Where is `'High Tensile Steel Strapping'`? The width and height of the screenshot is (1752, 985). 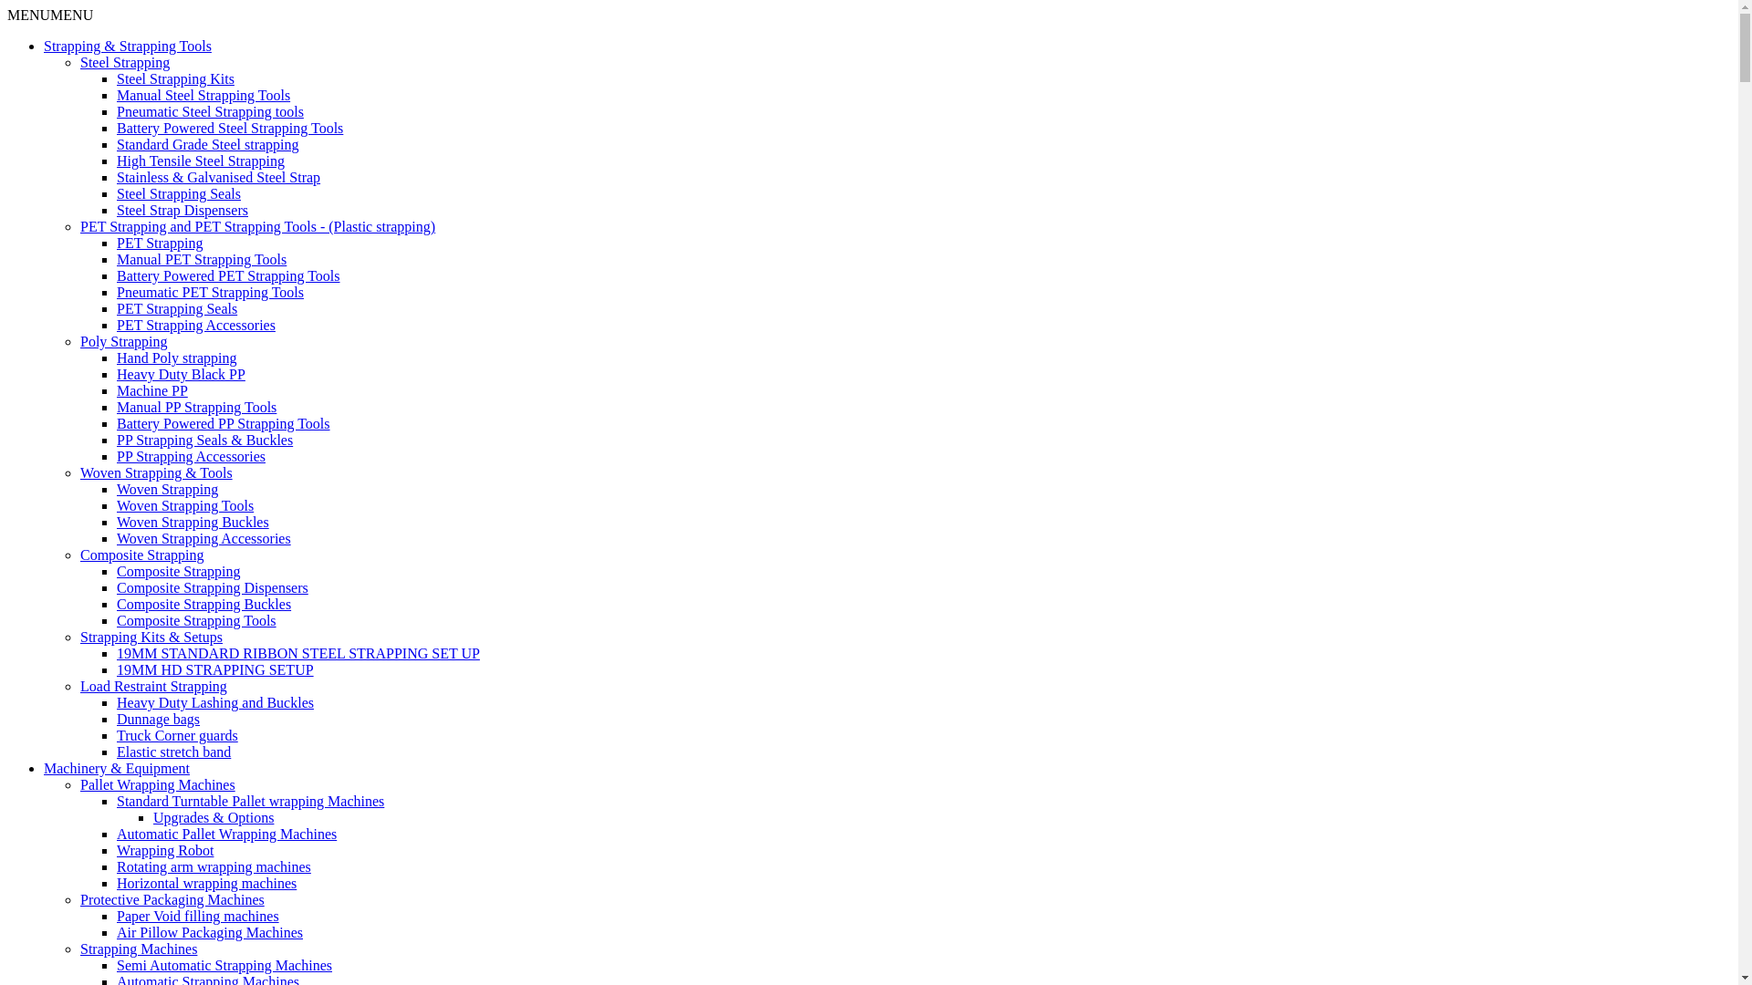
'High Tensile Steel Strapping' is located at coordinates (201, 160).